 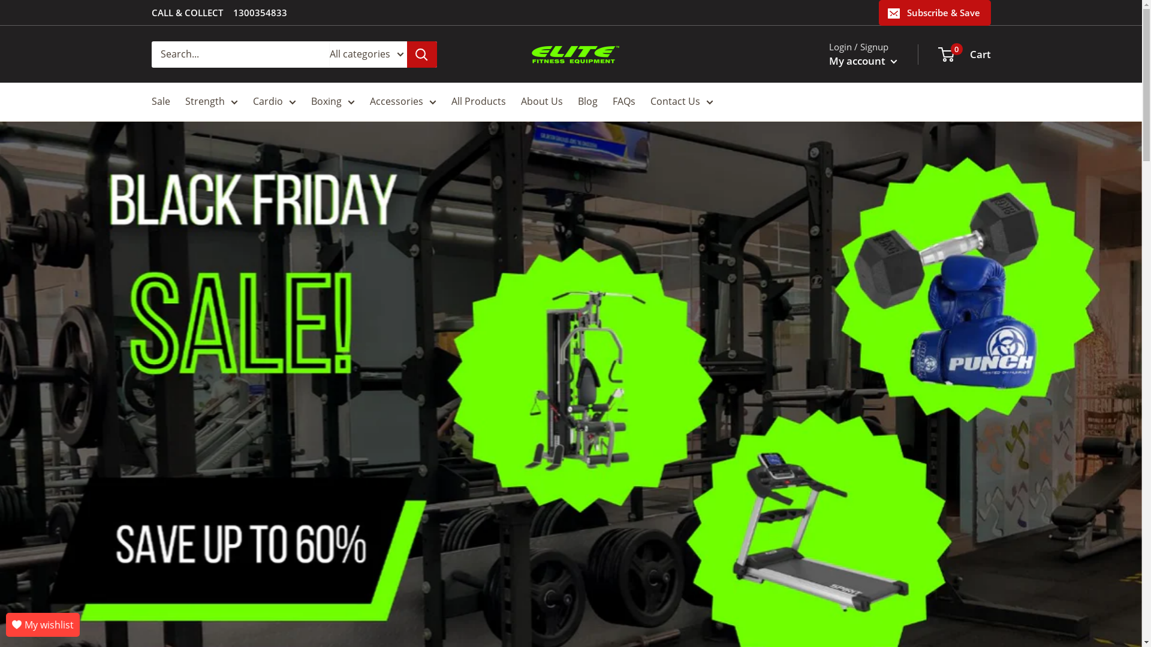 I want to click on 'All Products', so click(x=477, y=101).